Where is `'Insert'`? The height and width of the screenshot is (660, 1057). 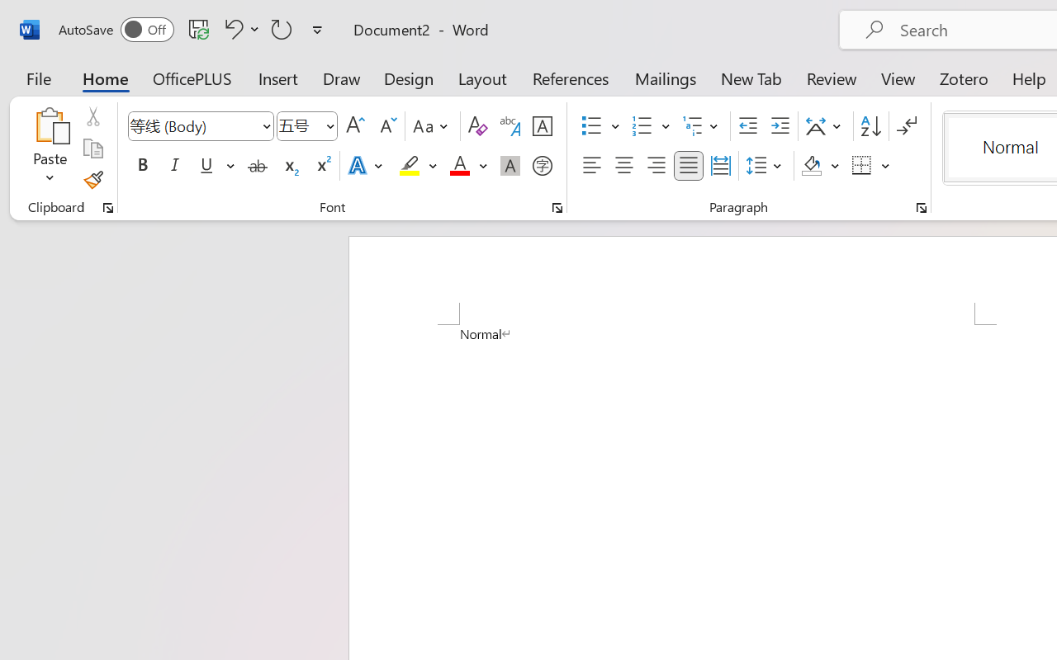
'Insert' is located at coordinates (278, 78).